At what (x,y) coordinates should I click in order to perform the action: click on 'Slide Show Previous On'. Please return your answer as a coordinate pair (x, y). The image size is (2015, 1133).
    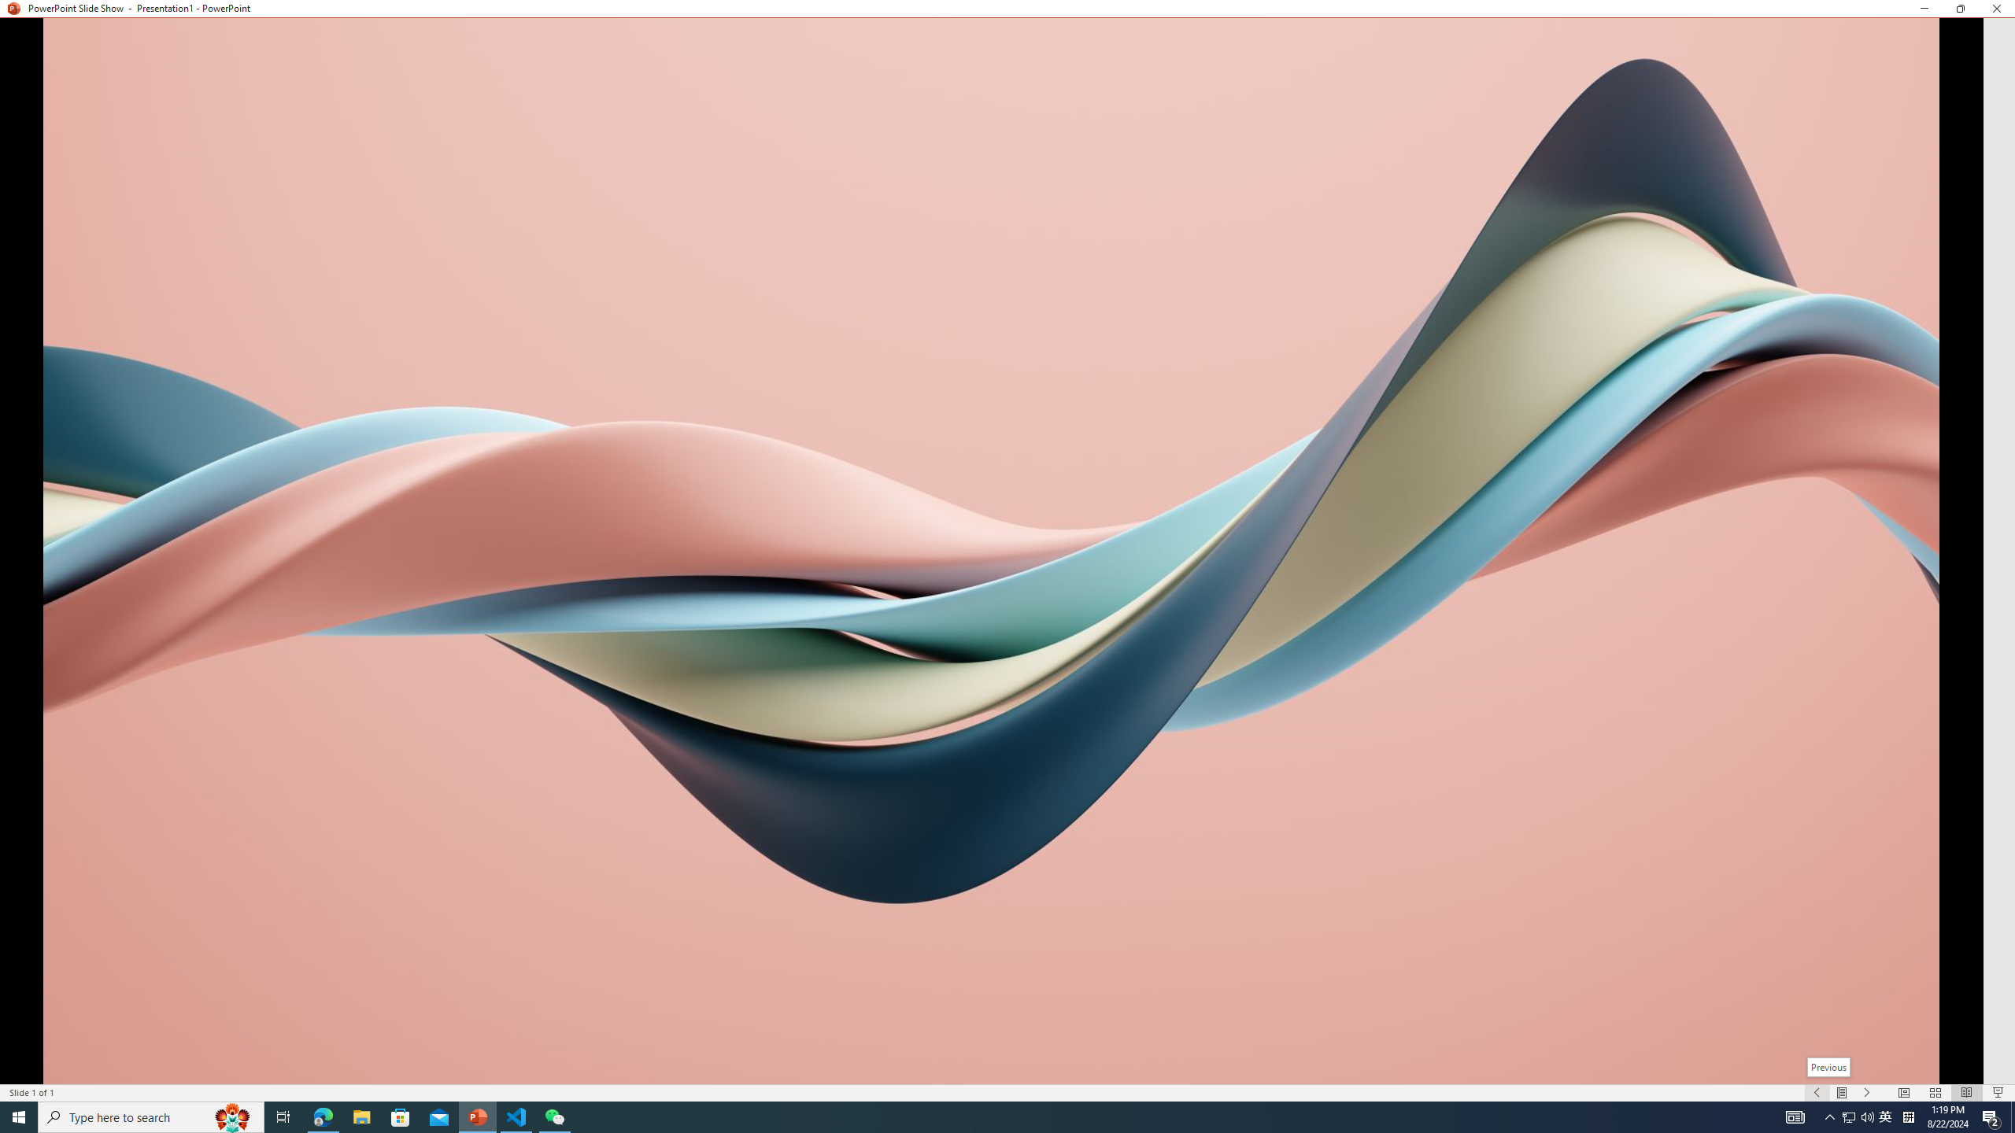
    Looking at the image, I should click on (1817, 1093).